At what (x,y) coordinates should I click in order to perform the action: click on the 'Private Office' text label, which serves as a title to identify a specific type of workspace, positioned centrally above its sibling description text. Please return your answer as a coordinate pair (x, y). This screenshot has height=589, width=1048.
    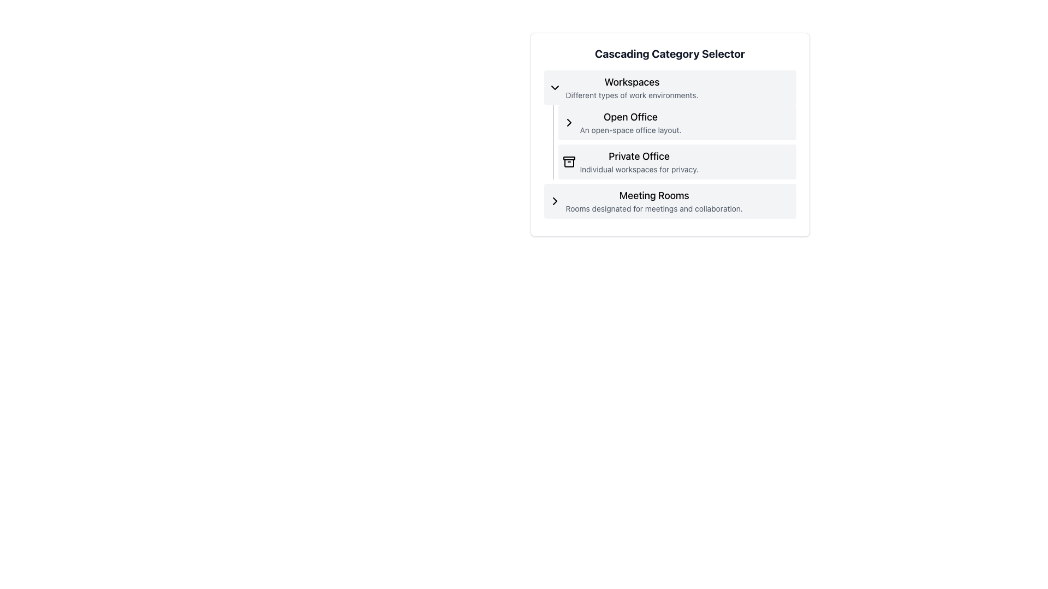
    Looking at the image, I should click on (639, 155).